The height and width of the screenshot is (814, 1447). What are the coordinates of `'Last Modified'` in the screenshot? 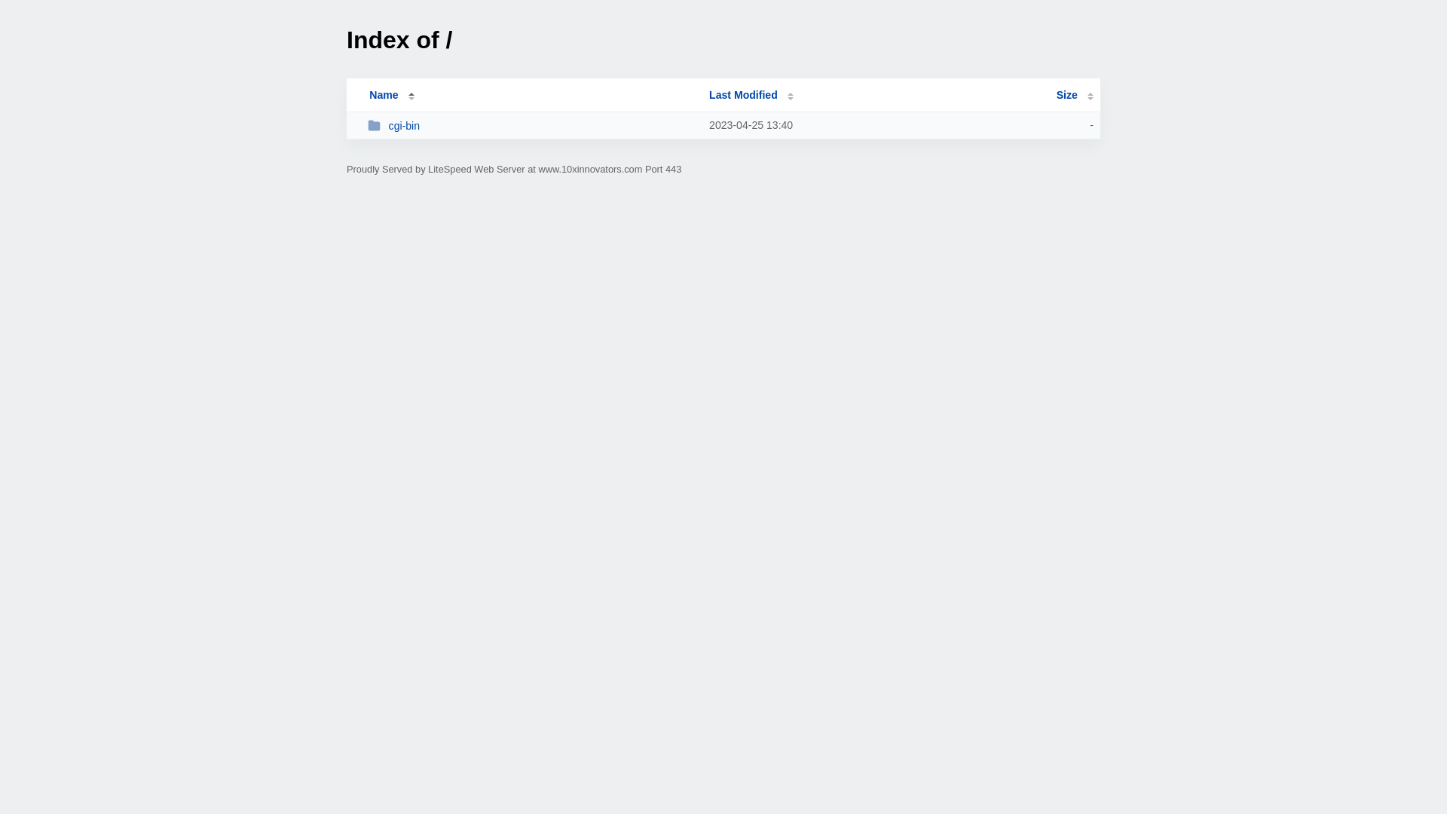 It's located at (708, 95).